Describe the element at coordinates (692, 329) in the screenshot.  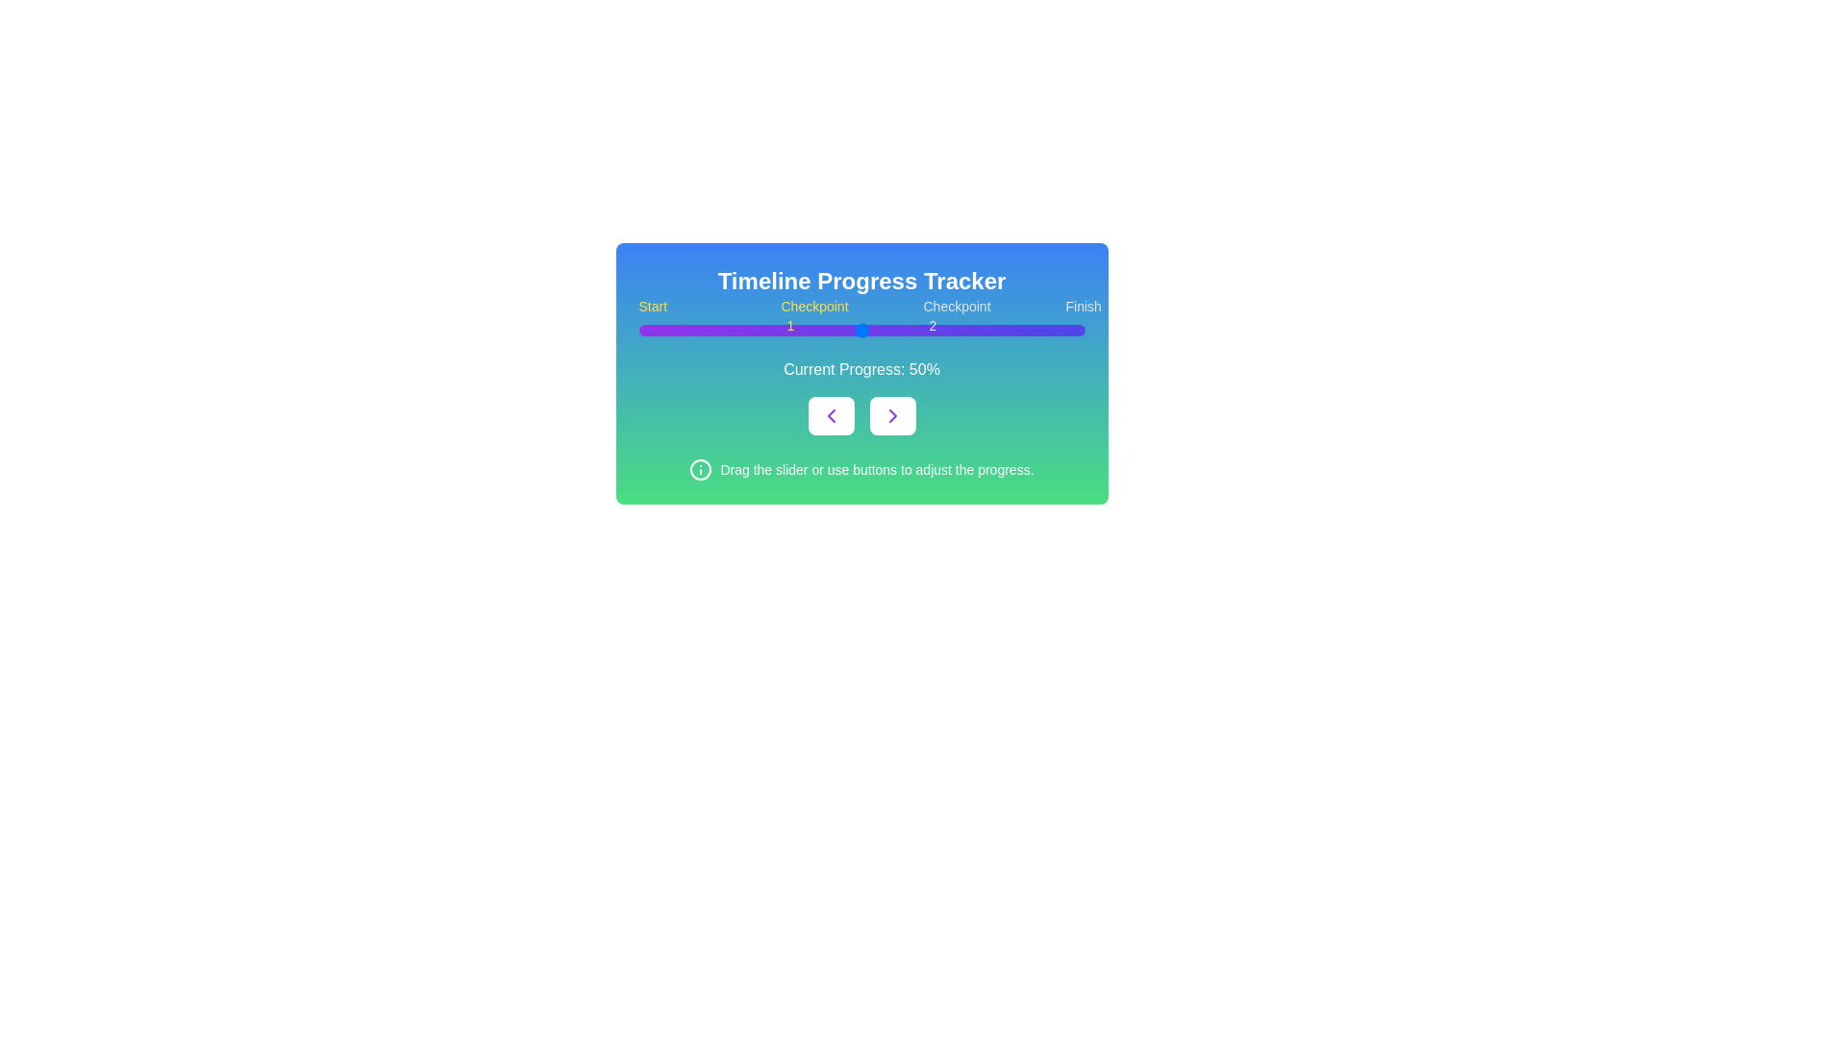
I see `the slider` at that location.